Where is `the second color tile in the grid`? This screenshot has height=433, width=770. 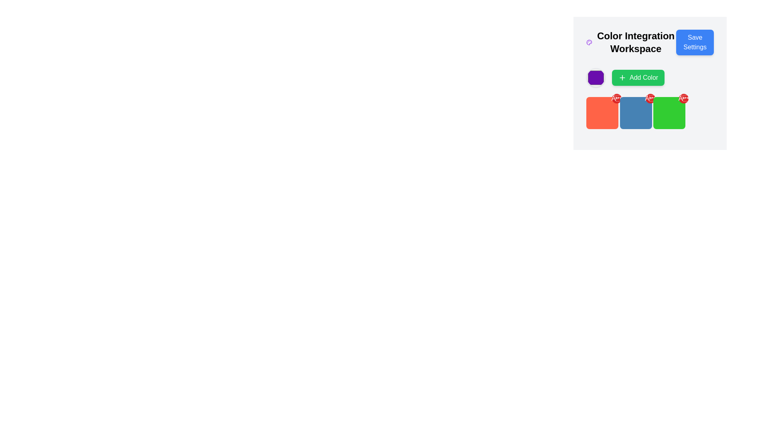
the second color tile in the grid is located at coordinates (650, 113).